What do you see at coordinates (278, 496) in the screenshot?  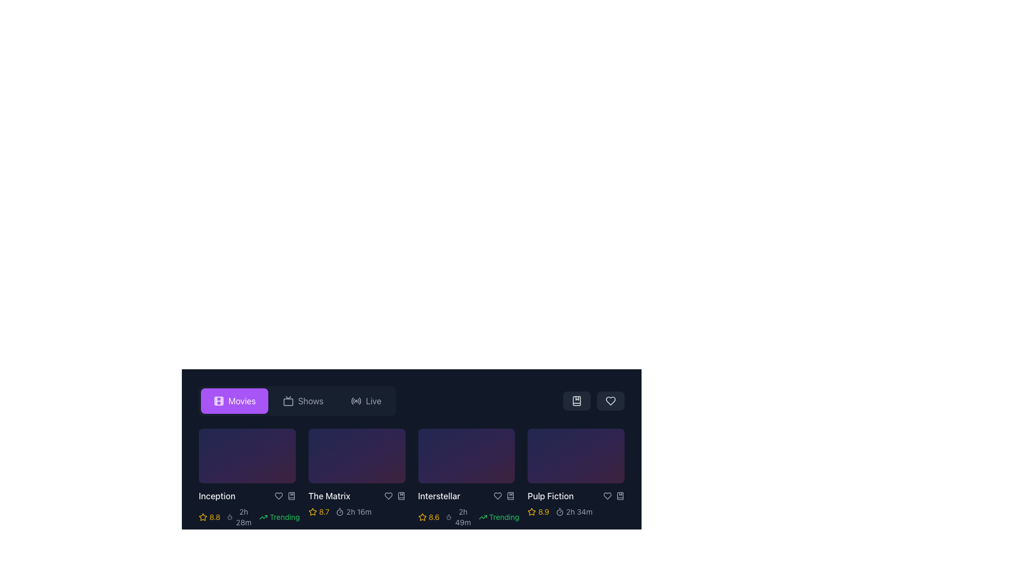 I see `the heart-shaped icon in the utility bar associated with the 'Inception' card to mark it as a favorite` at bounding box center [278, 496].